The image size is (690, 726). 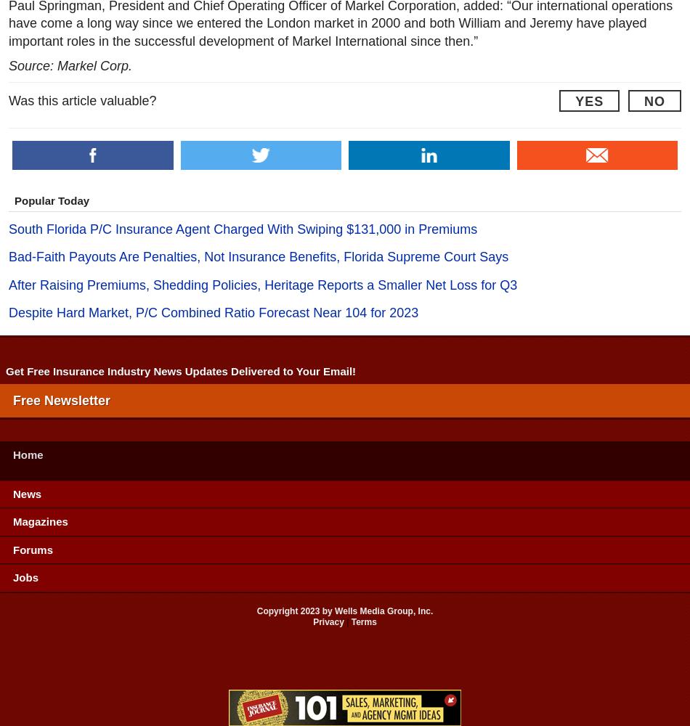 What do you see at coordinates (8, 229) in the screenshot?
I see `'South Florida P/C Insurance Agent Charged With Swiping $131,000 in Premiums'` at bounding box center [8, 229].